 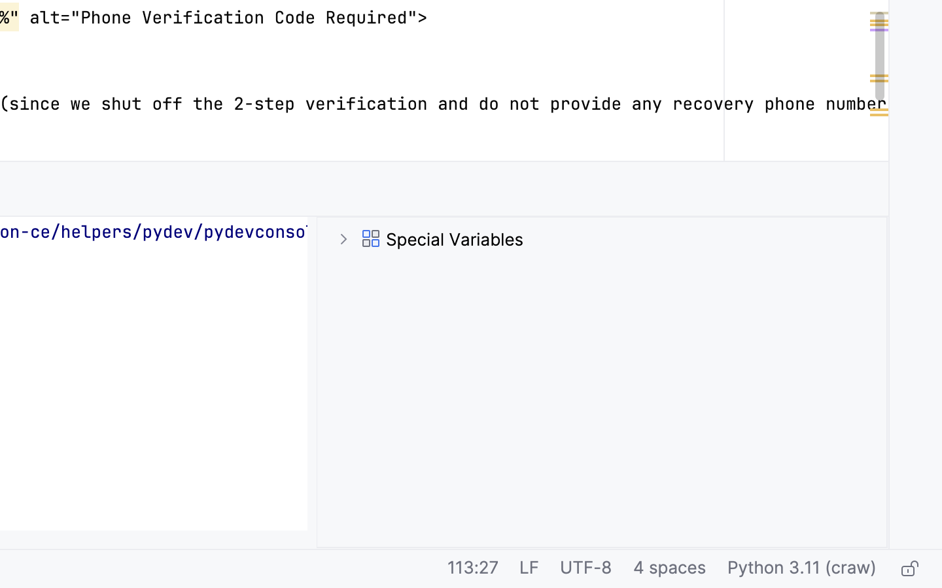 I want to click on '4 spaces', so click(x=669, y=569).